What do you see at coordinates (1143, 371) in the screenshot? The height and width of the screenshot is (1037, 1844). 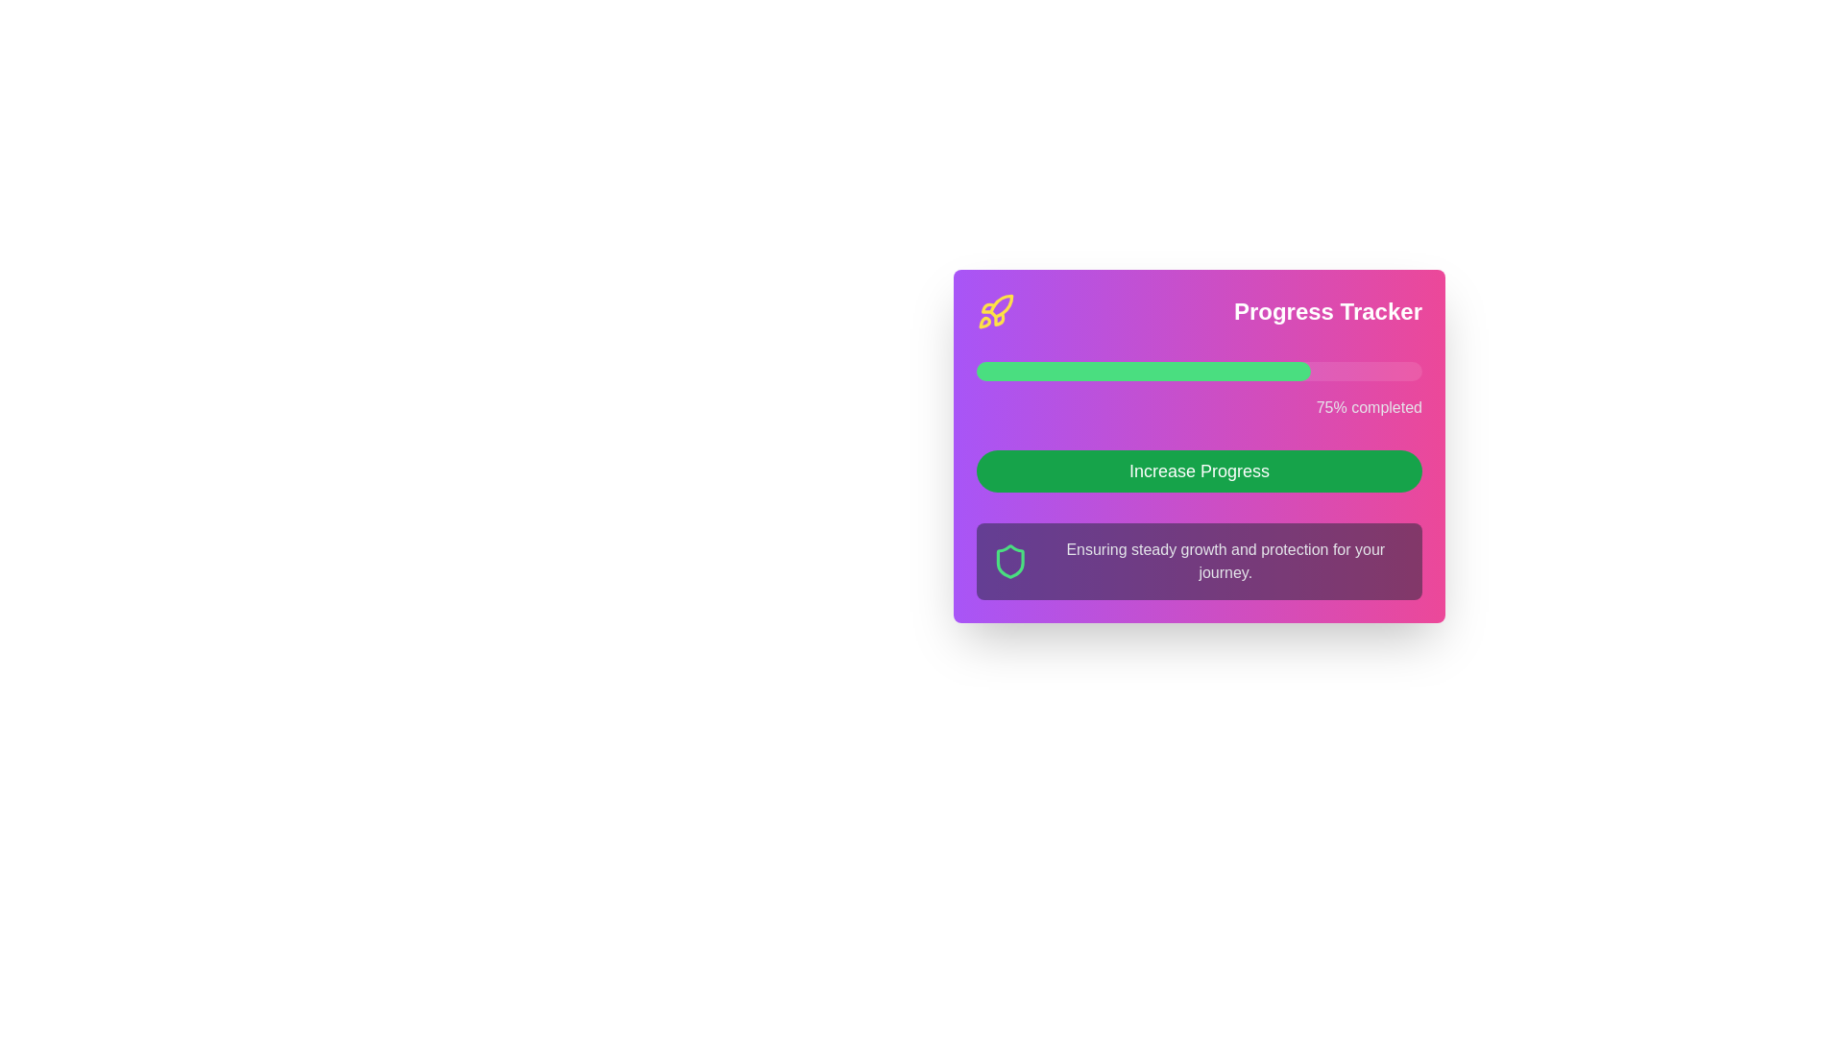 I see `the filled section of the progress bar in the Progress Tracker, which indicates 75% completion` at bounding box center [1143, 371].